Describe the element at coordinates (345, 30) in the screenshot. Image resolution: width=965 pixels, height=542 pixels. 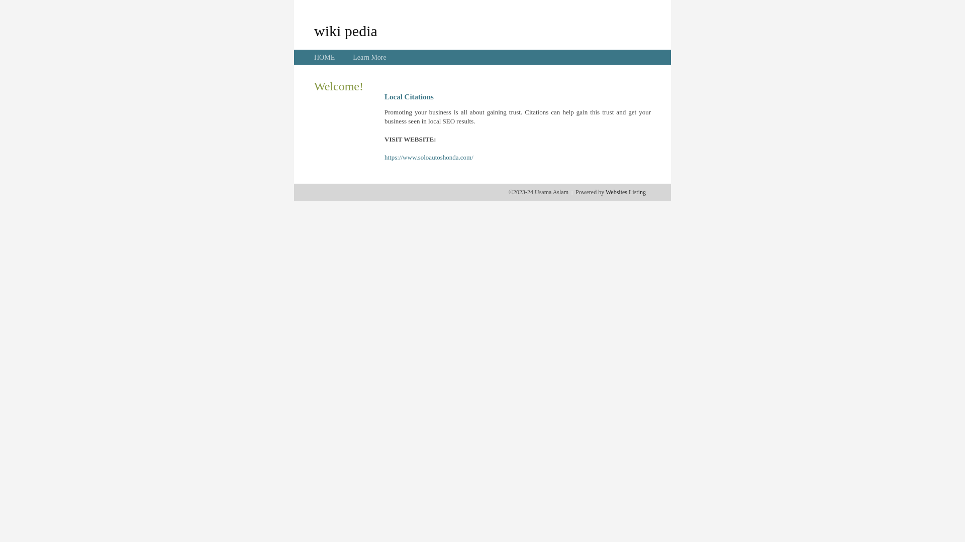
I see `'wiki pedia'` at that location.